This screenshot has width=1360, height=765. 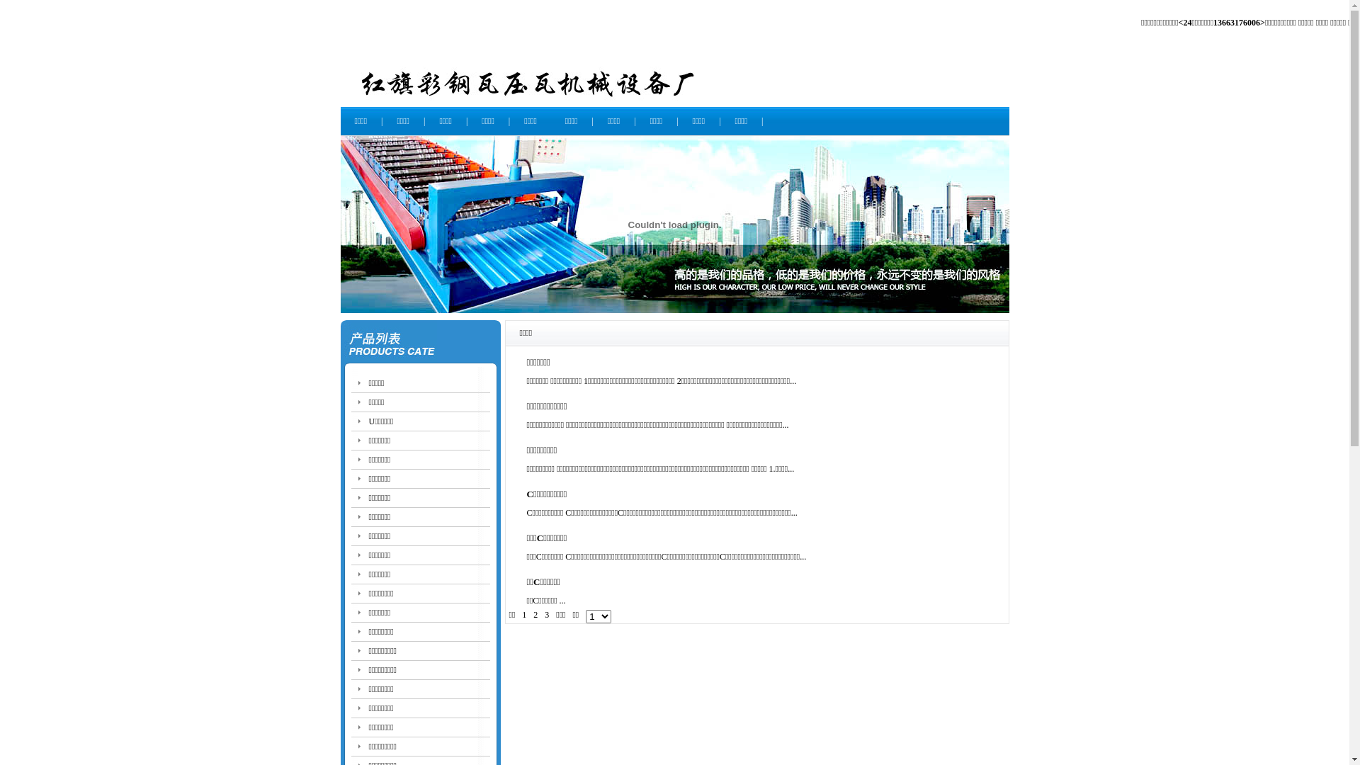 I want to click on '3', so click(x=546, y=613).